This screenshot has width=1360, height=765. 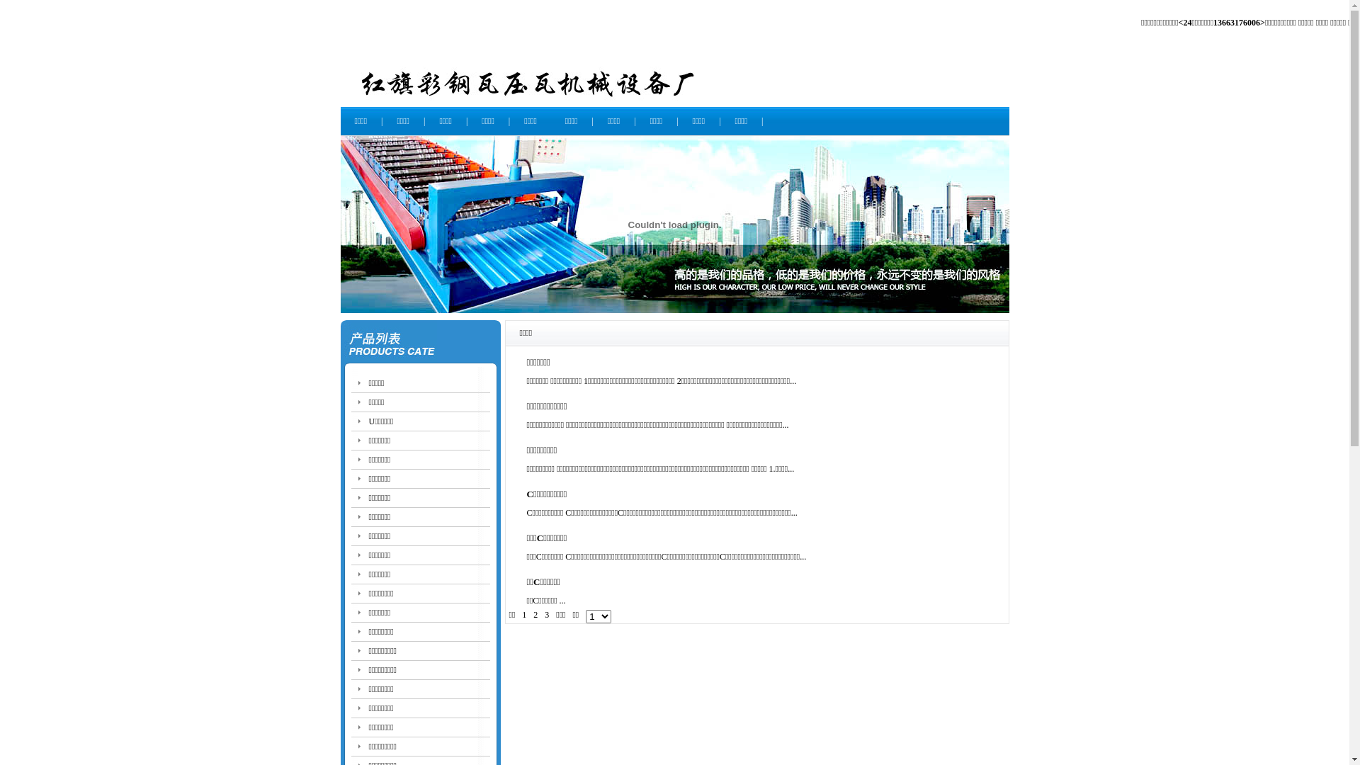 I want to click on '3', so click(x=546, y=613).